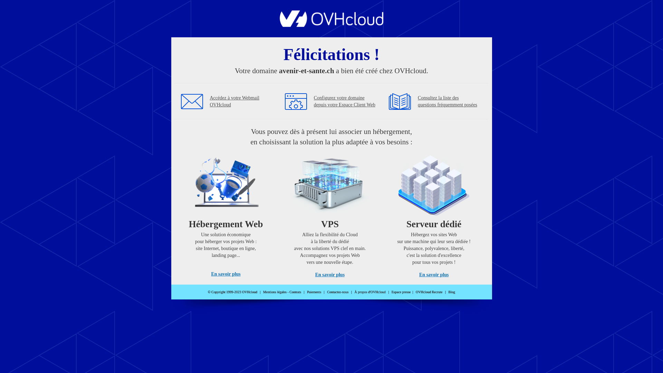 The width and height of the screenshot is (663, 373). Describe the element at coordinates (329, 274) in the screenshot. I see `'En savoir plus'` at that location.